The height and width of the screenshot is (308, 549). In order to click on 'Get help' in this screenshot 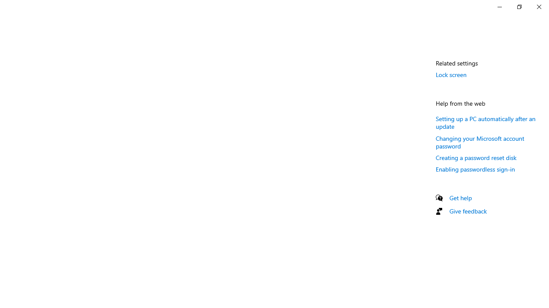, I will do `click(460, 198)`.